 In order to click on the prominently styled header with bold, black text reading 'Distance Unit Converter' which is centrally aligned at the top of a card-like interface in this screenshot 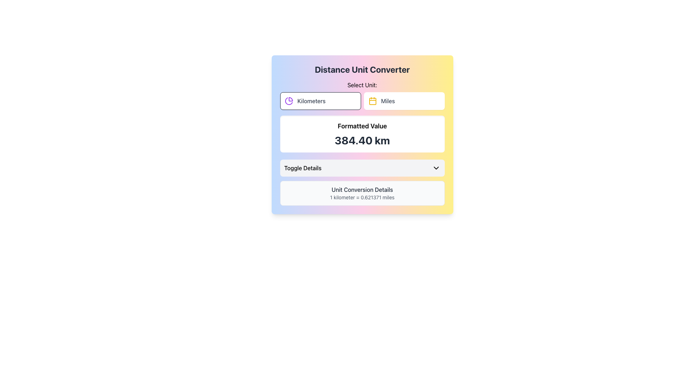, I will do `click(362, 70)`.